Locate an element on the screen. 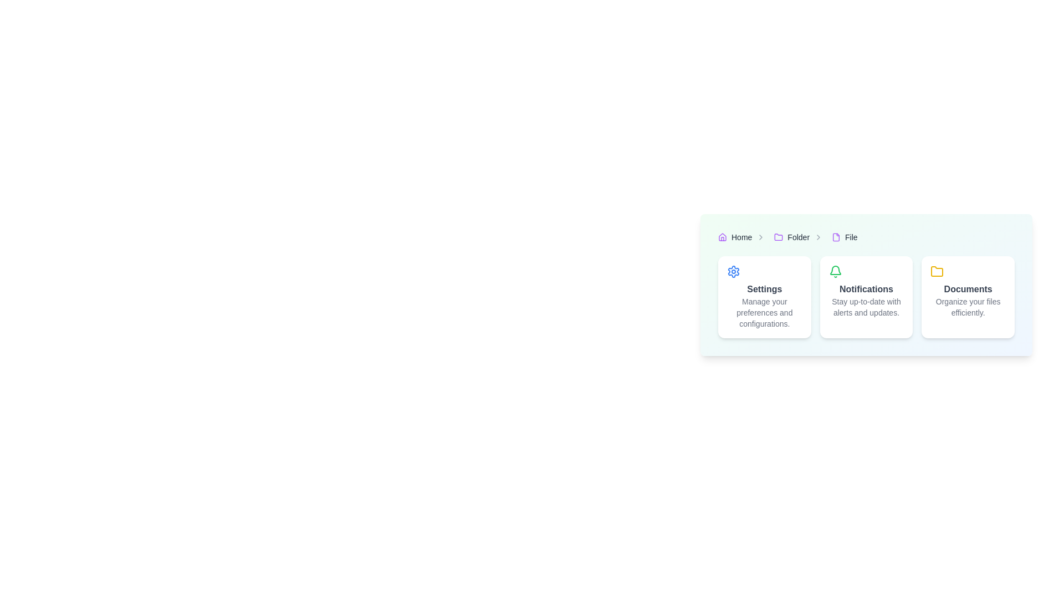 This screenshot has width=1064, height=599. the Informational card that is positioned in the middle among three cards, located between 'Settings' and 'Documents' is located at coordinates (866, 284).